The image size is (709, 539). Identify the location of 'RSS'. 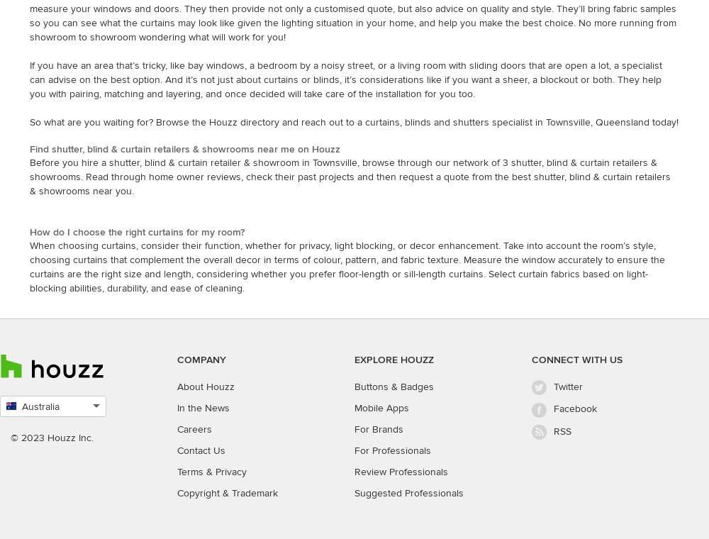
(562, 430).